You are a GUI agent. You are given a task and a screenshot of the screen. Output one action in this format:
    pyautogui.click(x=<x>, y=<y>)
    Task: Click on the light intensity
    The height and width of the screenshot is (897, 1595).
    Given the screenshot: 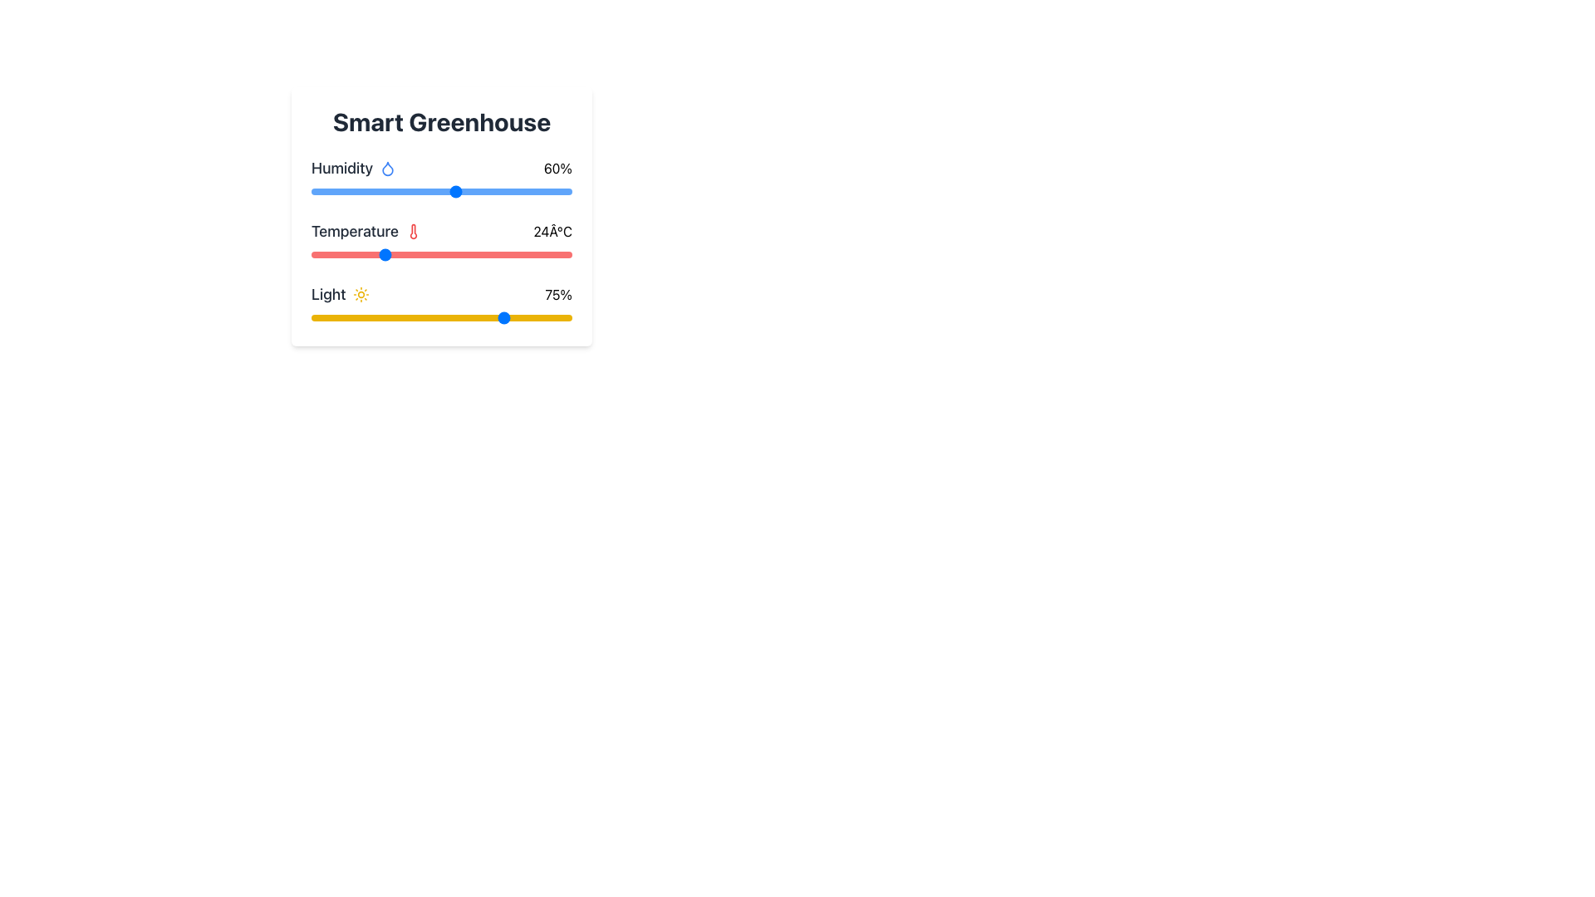 What is the action you would take?
    pyautogui.click(x=469, y=317)
    